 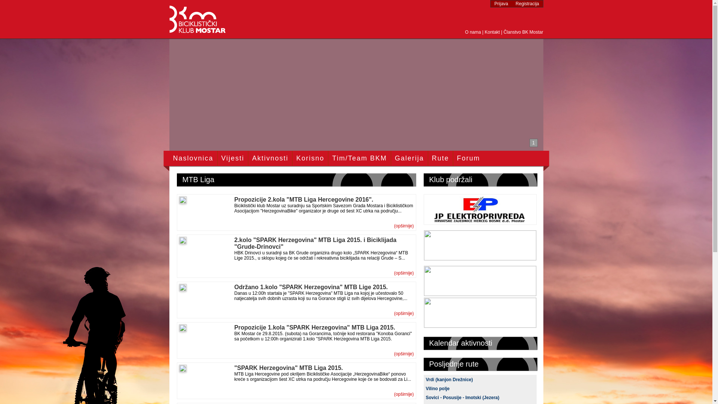 I want to click on 'EPHZHB', so click(x=479, y=222).